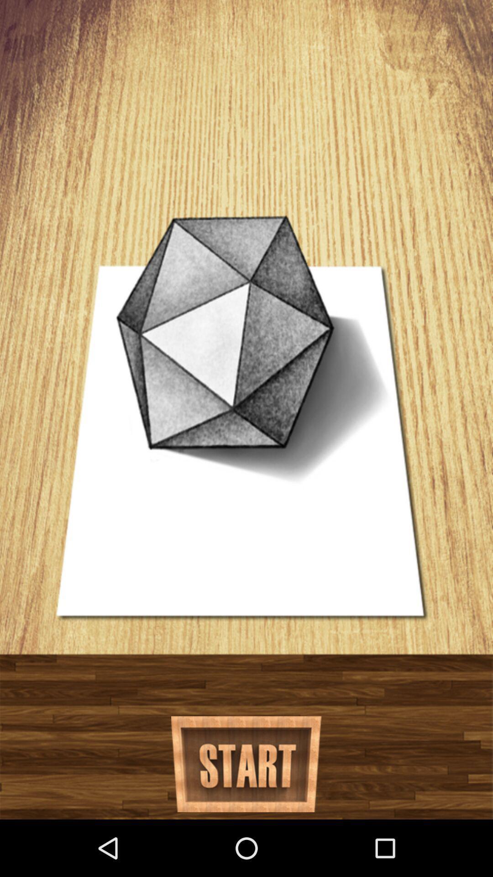  I want to click on start button, so click(246, 764).